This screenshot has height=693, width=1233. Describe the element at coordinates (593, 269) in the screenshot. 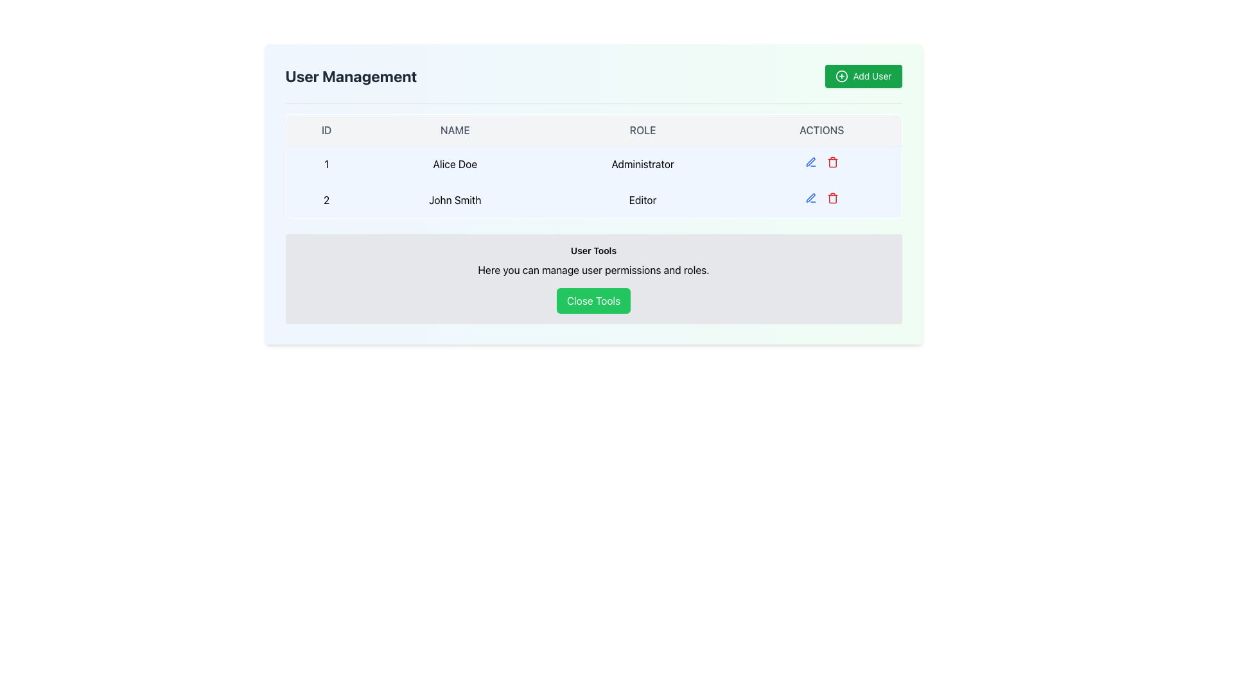

I see `the informational text that explains the purpose and usage of the current section, which is positioned between the 'User Tools' heading and the 'Close Tools' button in the lower half of the application interface` at that location.